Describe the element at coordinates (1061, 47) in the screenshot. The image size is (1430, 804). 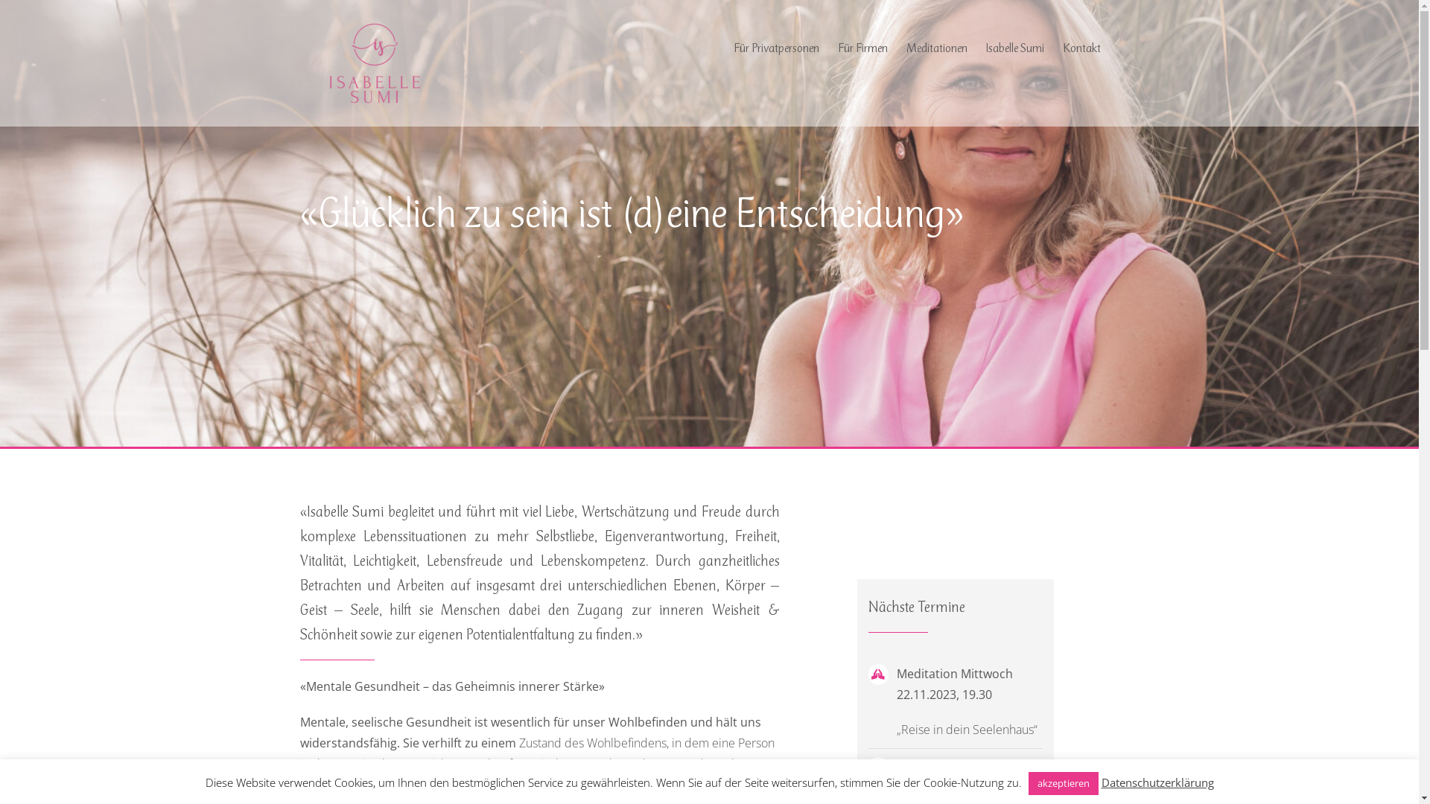
I see `'Kontakt'` at that location.